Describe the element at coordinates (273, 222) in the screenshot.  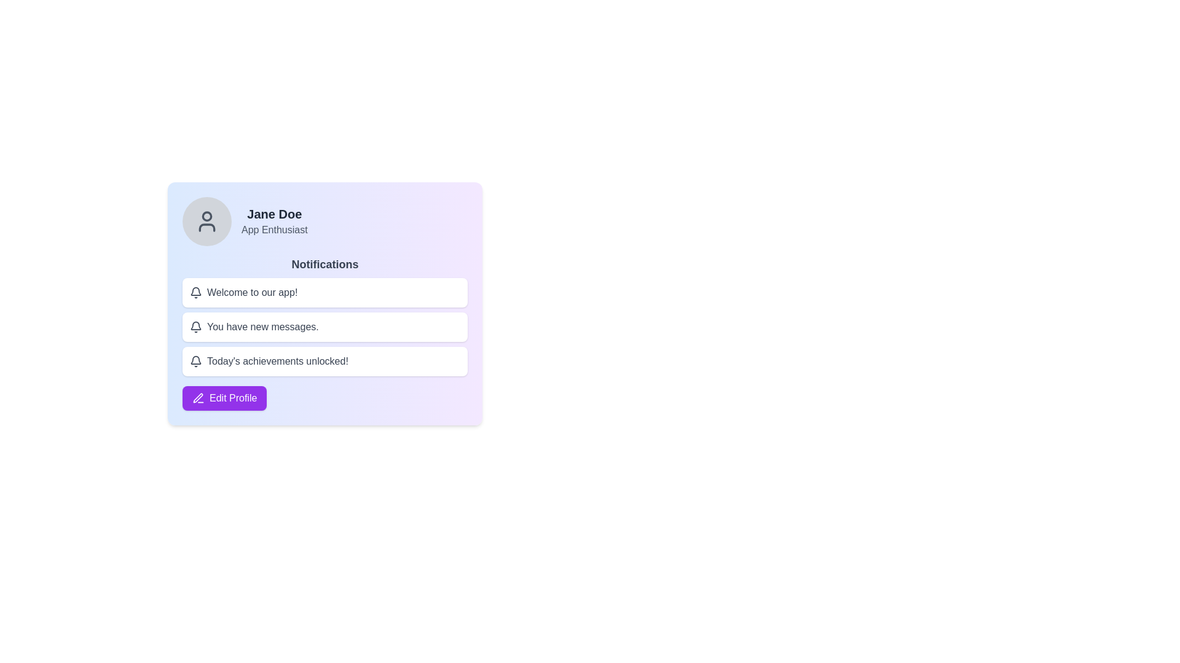
I see `the text block displaying 'Jane Doe' and 'App Enthusiast', which consists of a bold header and a subtitle, positioned on a light background in the top-left section of the content area` at that location.